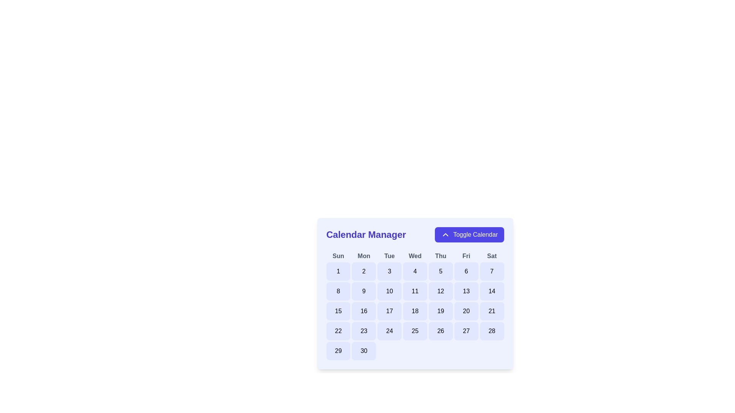  Describe the element at coordinates (363, 271) in the screenshot. I see `the button representing the second day of the month in the calendar layout located under the 'Mon' column header` at that location.